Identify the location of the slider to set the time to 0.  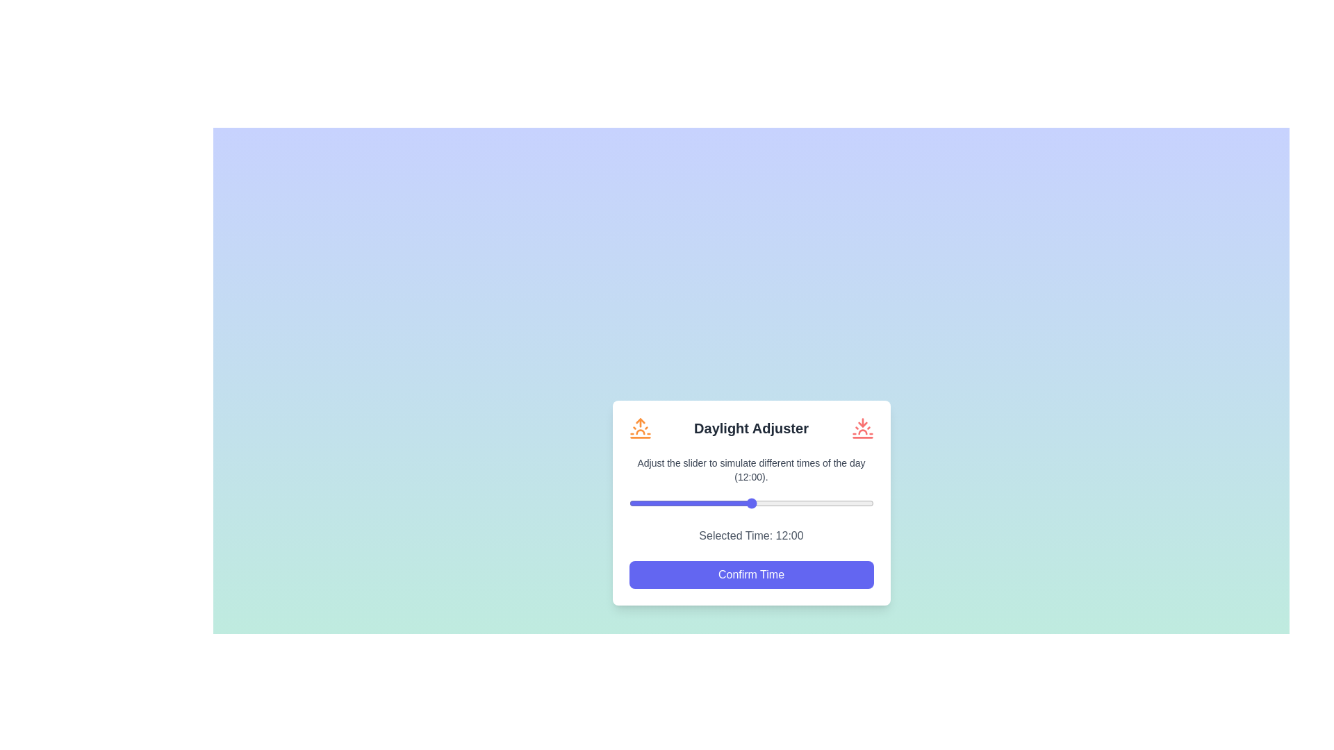
(628, 503).